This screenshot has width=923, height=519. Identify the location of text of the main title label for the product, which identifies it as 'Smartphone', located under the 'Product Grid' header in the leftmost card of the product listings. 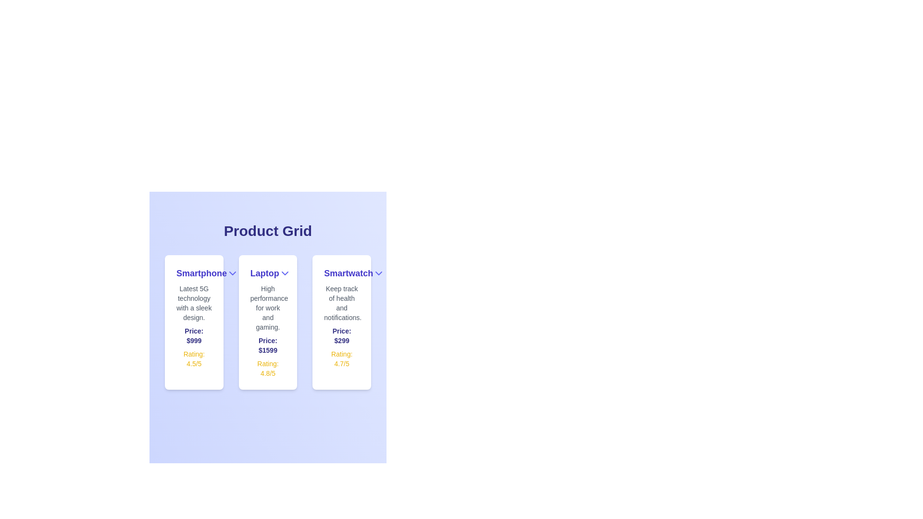
(201, 273).